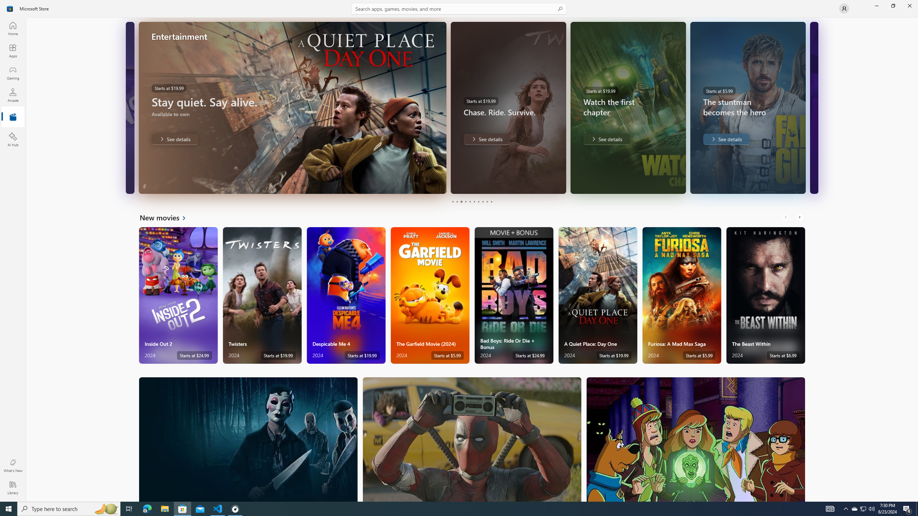  Describe the element at coordinates (166, 217) in the screenshot. I see `'See all  New movies'` at that location.